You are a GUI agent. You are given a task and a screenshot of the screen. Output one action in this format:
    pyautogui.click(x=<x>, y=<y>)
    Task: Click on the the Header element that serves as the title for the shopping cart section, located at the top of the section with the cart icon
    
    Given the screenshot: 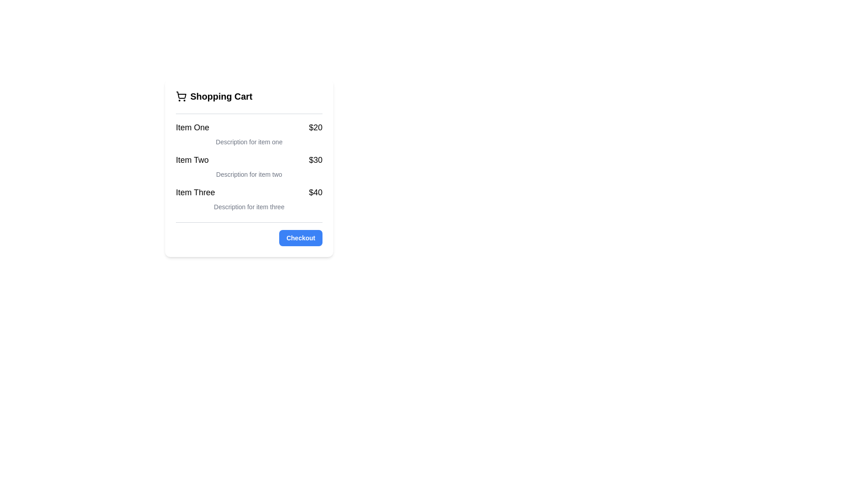 What is the action you would take?
    pyautogui.click(x=249, y=96)
    